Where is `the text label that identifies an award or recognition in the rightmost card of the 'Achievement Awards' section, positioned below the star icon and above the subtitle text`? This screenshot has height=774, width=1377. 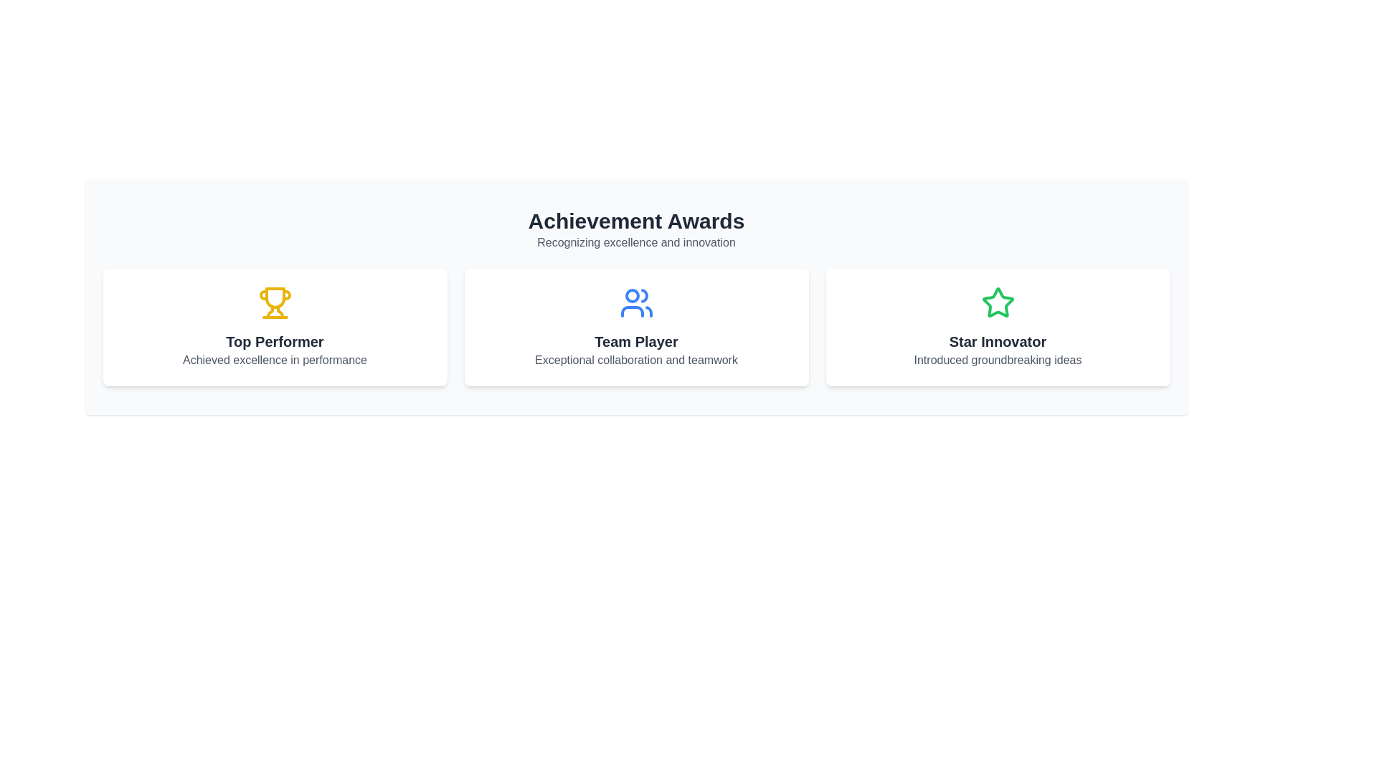
the text label that identifies an award or recognition in the rightmost card of the 'Achievement Awards' section, positioned below the star icon and above the subtitle text is located at coordinates (997, 342).